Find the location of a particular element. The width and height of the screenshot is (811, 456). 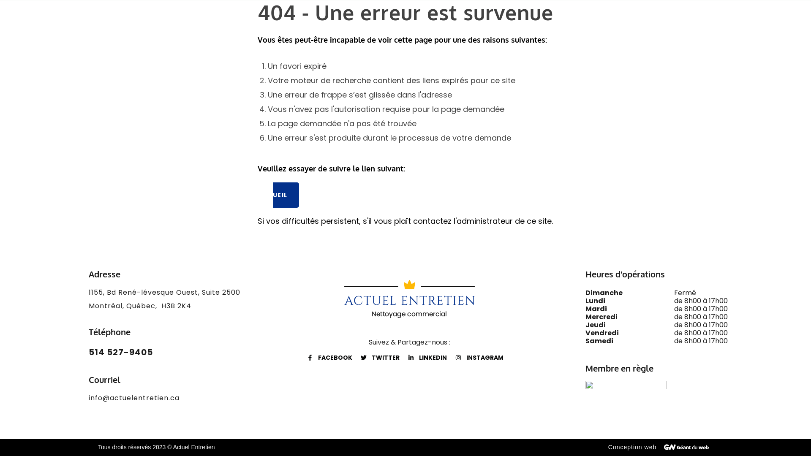

'Conception web' is located at coordinates (632, 447).